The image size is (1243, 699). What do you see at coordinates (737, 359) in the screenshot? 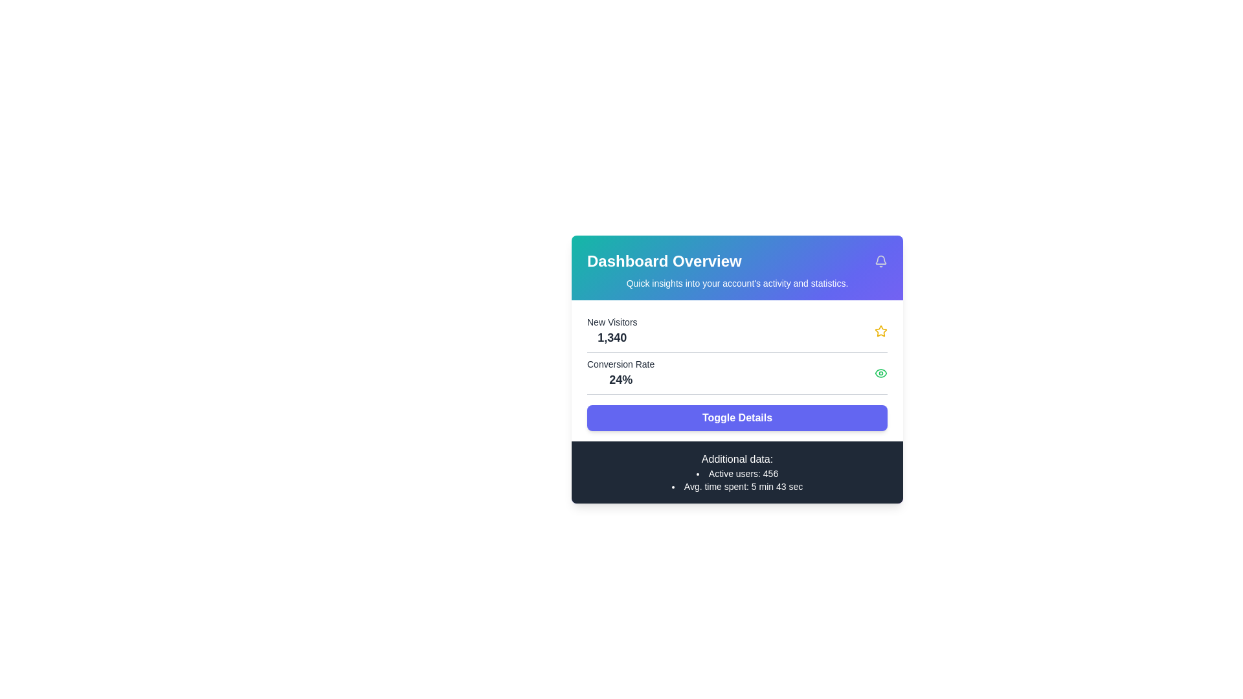
I see `the event-triggering icons in the Dashboard Overview section, which features metrics and a 'Toggle Details' button` at bounding box center [737, 359].